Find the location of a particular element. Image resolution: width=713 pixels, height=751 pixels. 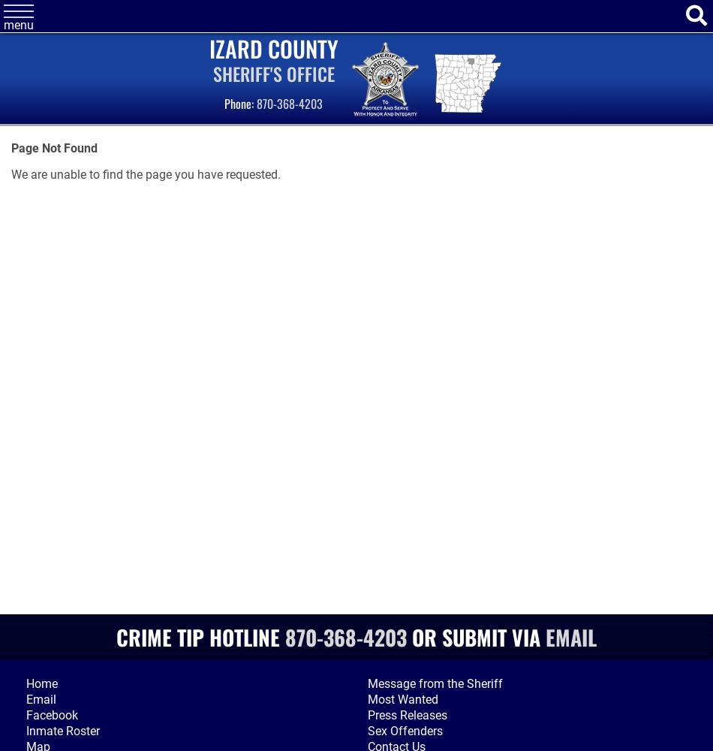

'Submit Via' is located at coordinates (493, 636).